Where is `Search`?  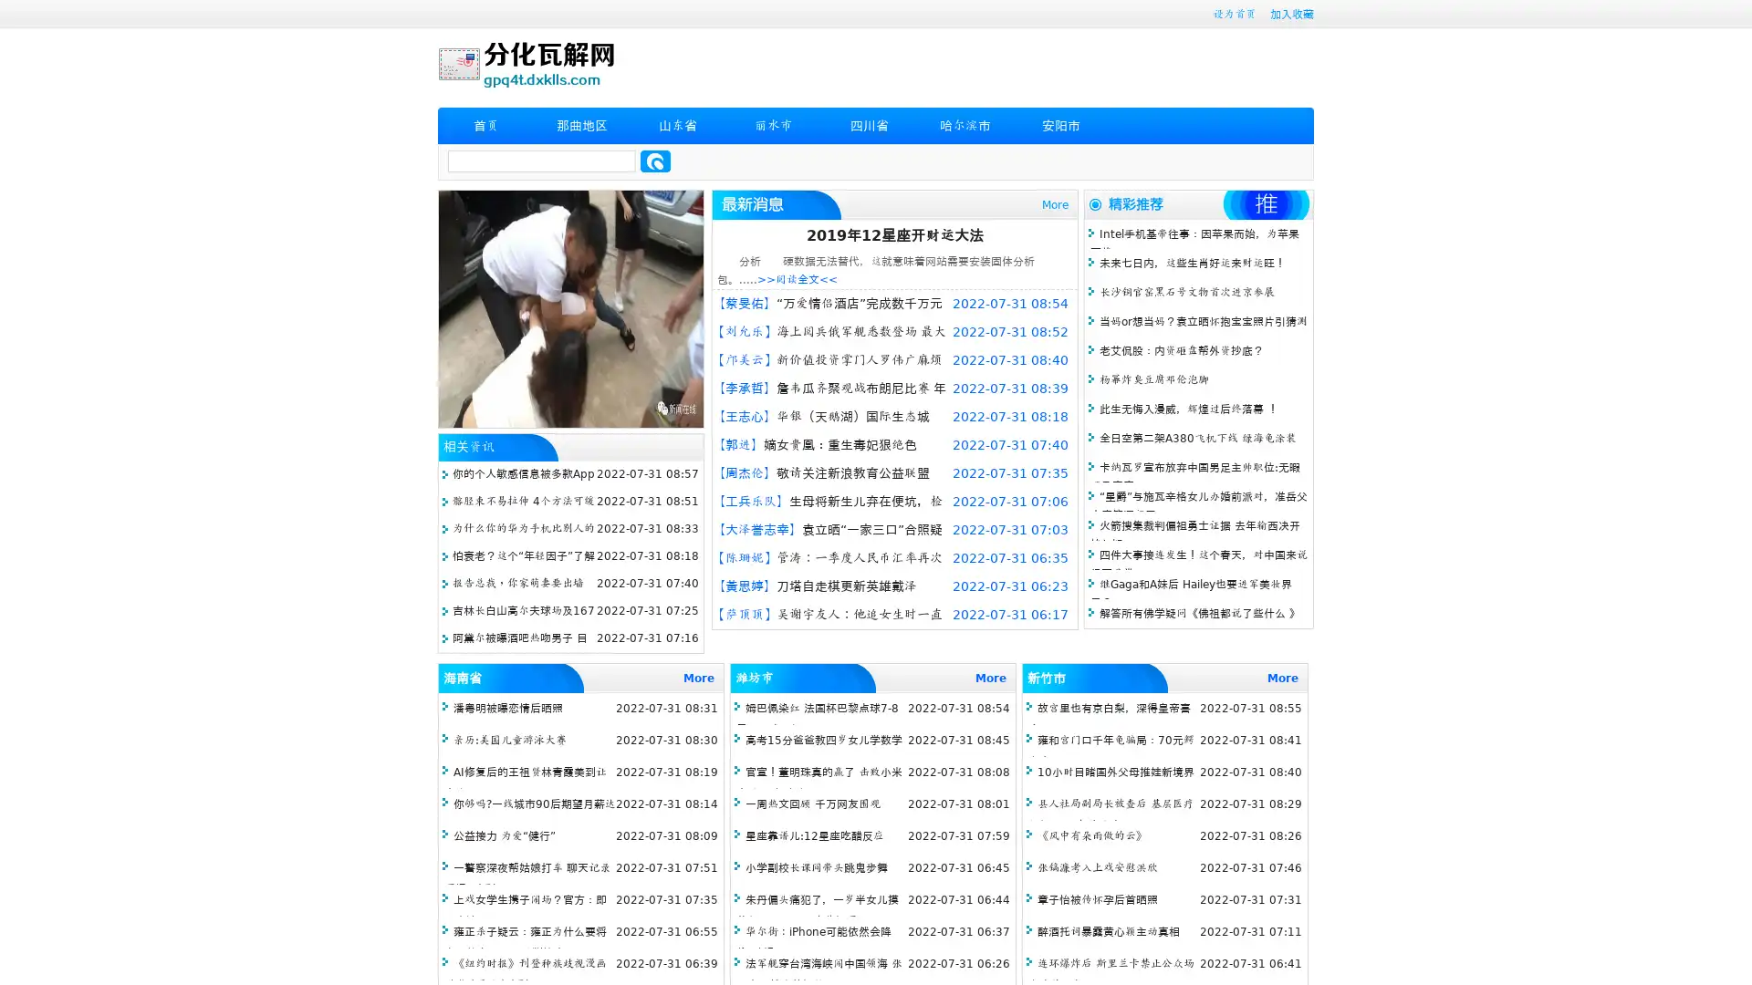 Search is located at coordinates (655, 161).